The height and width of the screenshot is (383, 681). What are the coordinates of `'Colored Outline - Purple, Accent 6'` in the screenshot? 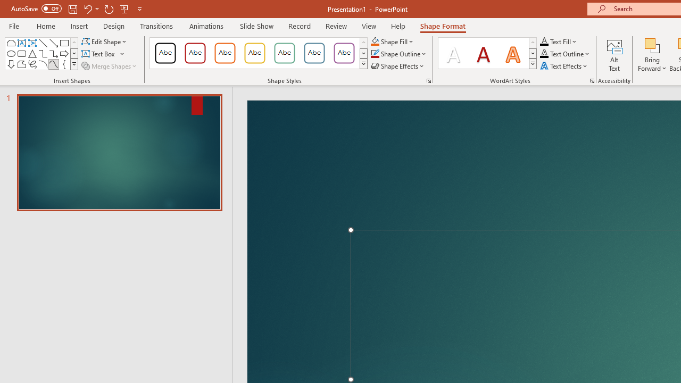 It's located at (344, 53).